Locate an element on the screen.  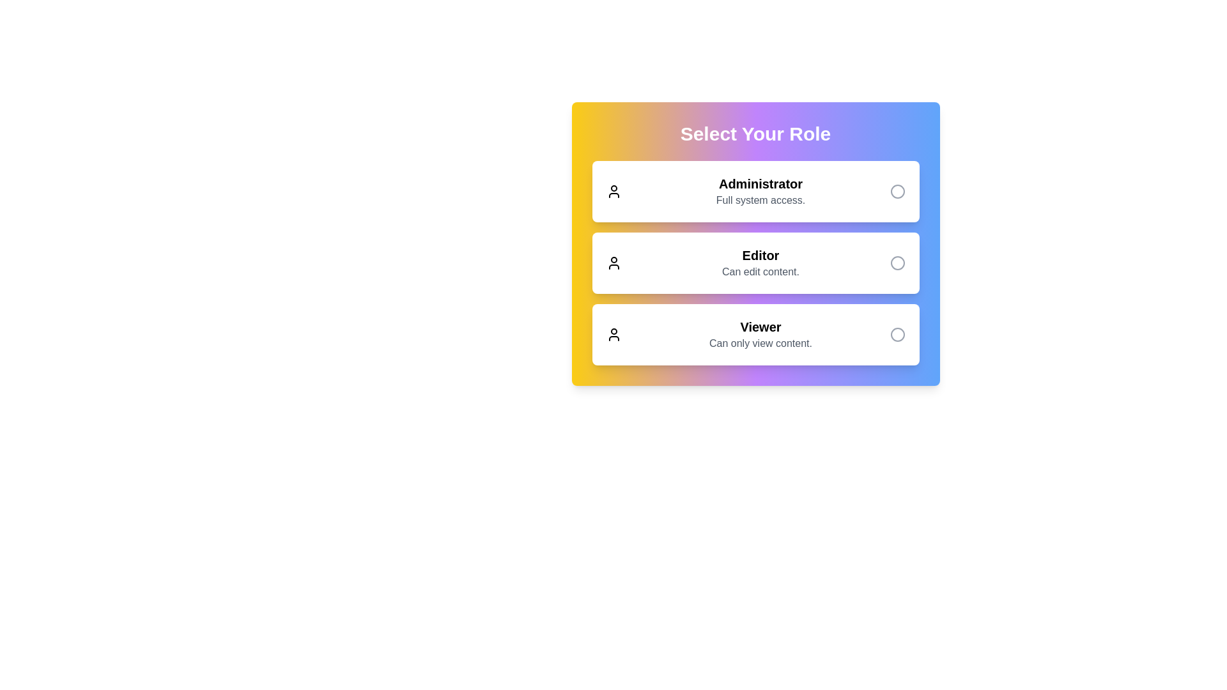
the second radio button labeled 'Editor' in the 'Select Your Role' selection area is located at coordinates (755, 263).